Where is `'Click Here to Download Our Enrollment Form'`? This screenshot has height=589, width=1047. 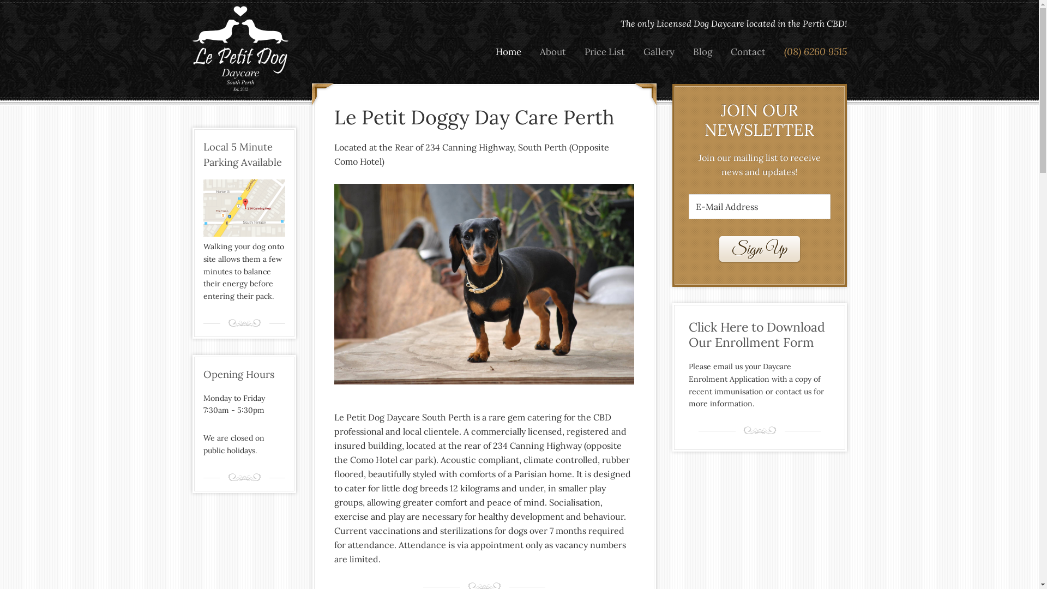
'Click Here to Download Our Enrollment Form' is located at coordinates (759, 334).